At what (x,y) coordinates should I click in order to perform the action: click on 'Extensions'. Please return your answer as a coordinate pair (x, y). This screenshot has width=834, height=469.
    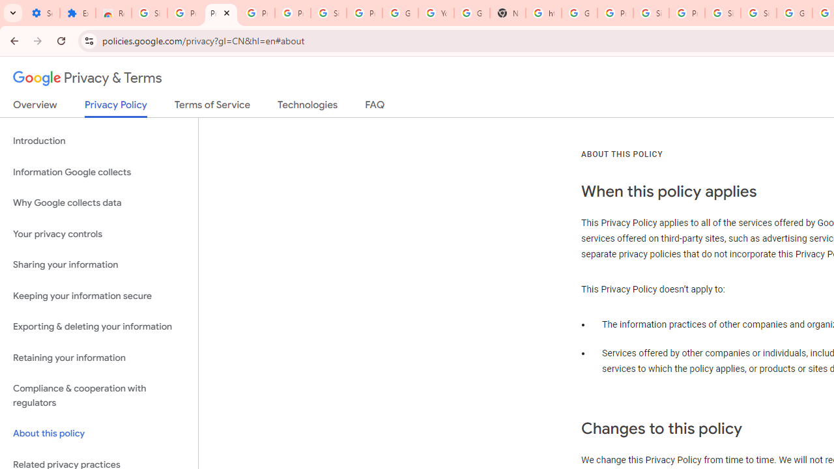
    Looking at the image, I should click on (77, 13).